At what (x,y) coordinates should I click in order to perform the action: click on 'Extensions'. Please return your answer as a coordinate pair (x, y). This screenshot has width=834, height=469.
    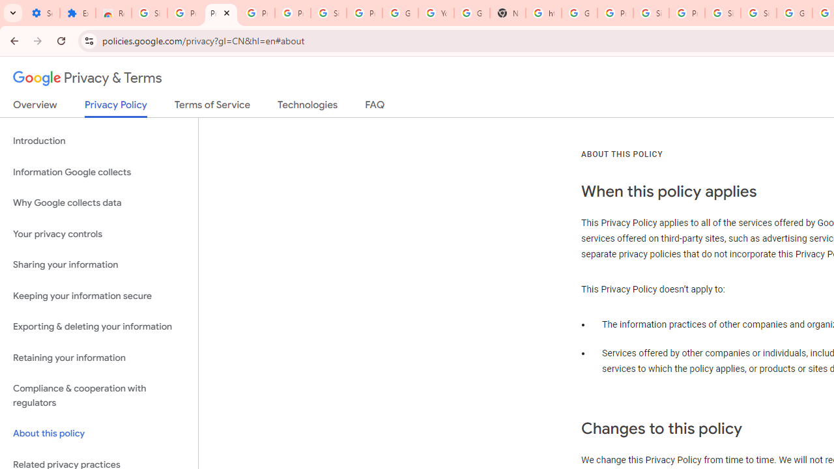
    Looking at the image, I should click on (77, 13).